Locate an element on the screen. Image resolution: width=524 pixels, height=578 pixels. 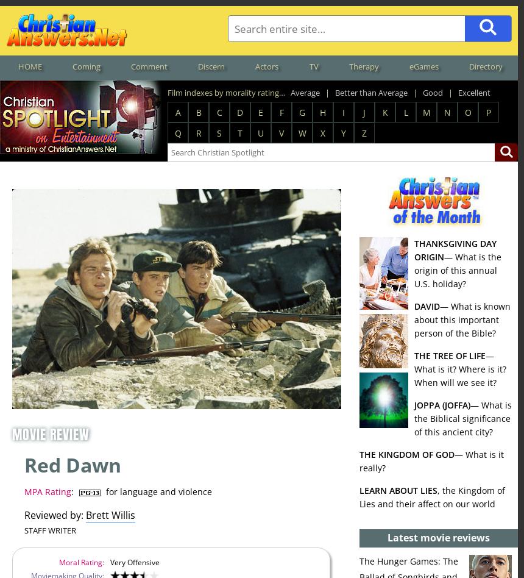
'JOPPA (JOFFA)' is located at coordinates (442, 404).